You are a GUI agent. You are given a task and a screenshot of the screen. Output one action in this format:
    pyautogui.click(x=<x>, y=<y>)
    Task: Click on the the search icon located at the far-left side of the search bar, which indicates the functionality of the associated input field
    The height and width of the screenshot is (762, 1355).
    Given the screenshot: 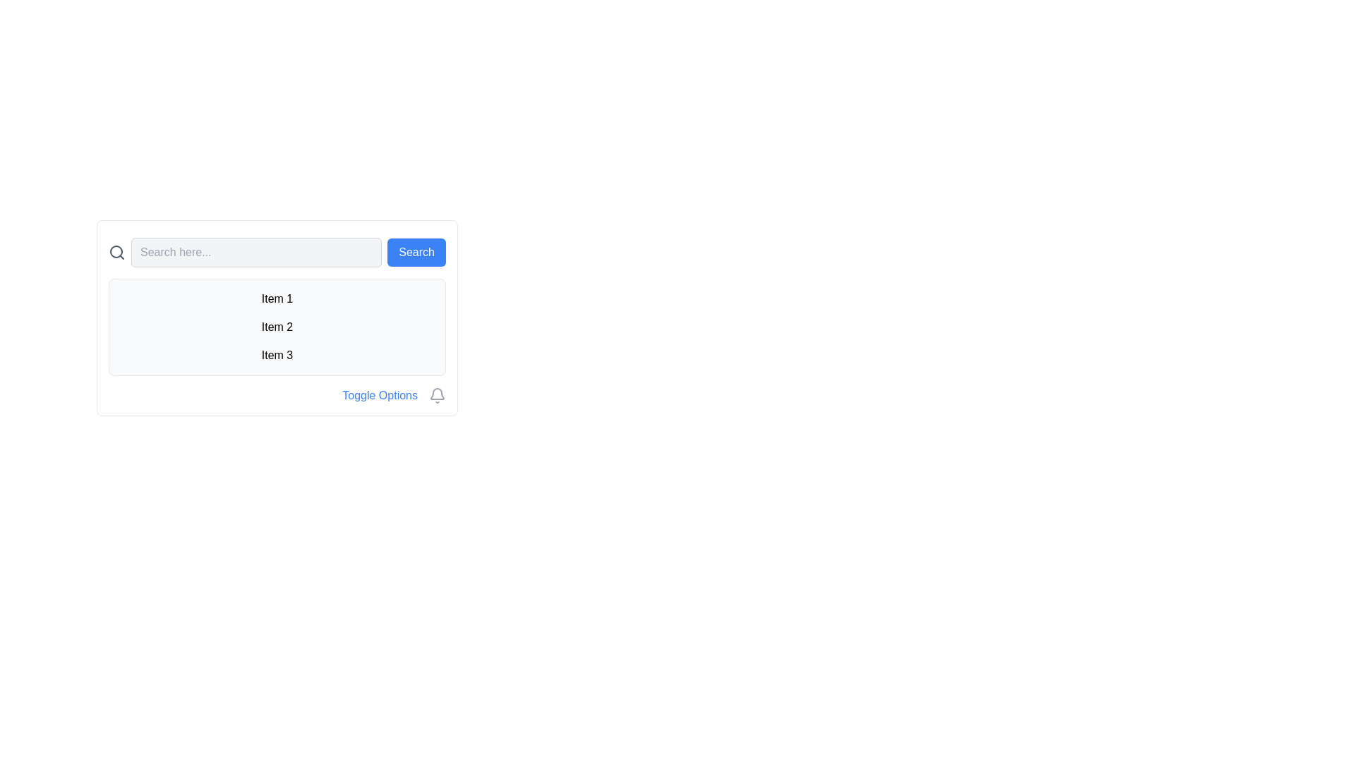 What is the action you would take?
    pyautogui.click(x=117, y=252)
    